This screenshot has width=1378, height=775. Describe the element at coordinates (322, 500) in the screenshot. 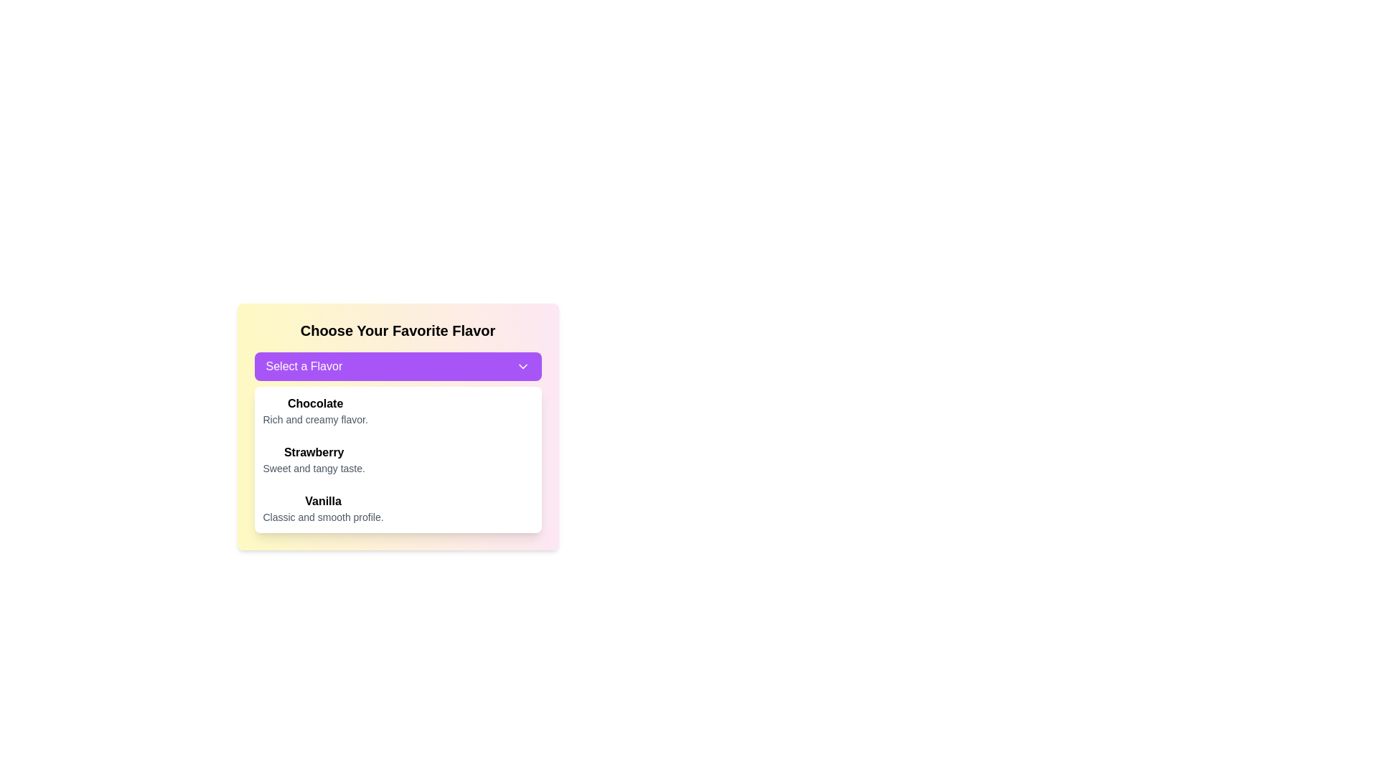

I see `the bold, black text label displaying 'Vanilla' located in the bottom row of a dropdown panel, following 'Chocolate' and 'Strawberry'` at that location.